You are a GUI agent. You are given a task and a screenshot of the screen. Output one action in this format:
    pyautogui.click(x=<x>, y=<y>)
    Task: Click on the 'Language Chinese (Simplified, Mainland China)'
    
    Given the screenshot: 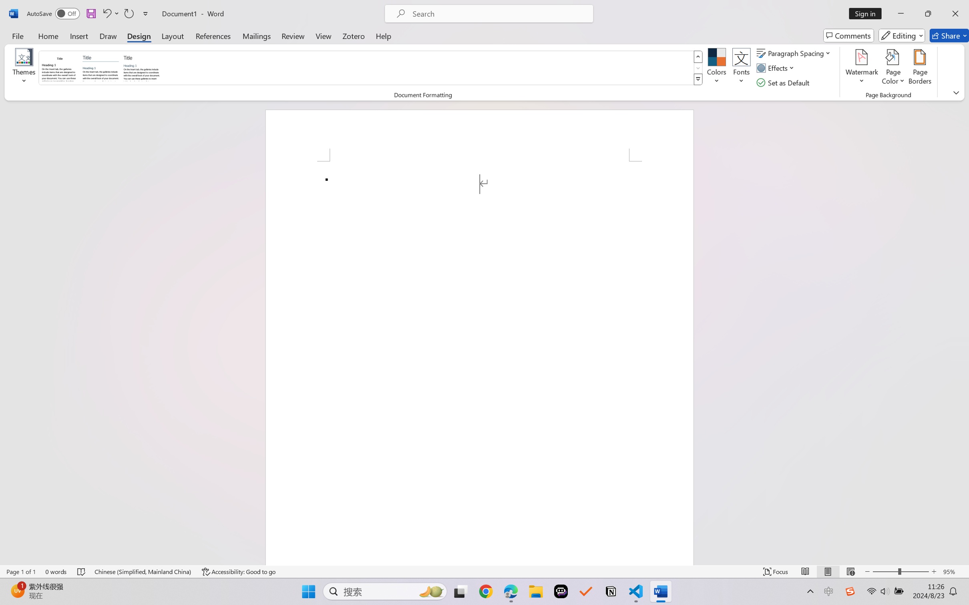 What is the action you would take?
    pyautogui.click(x=143, y=571)
    